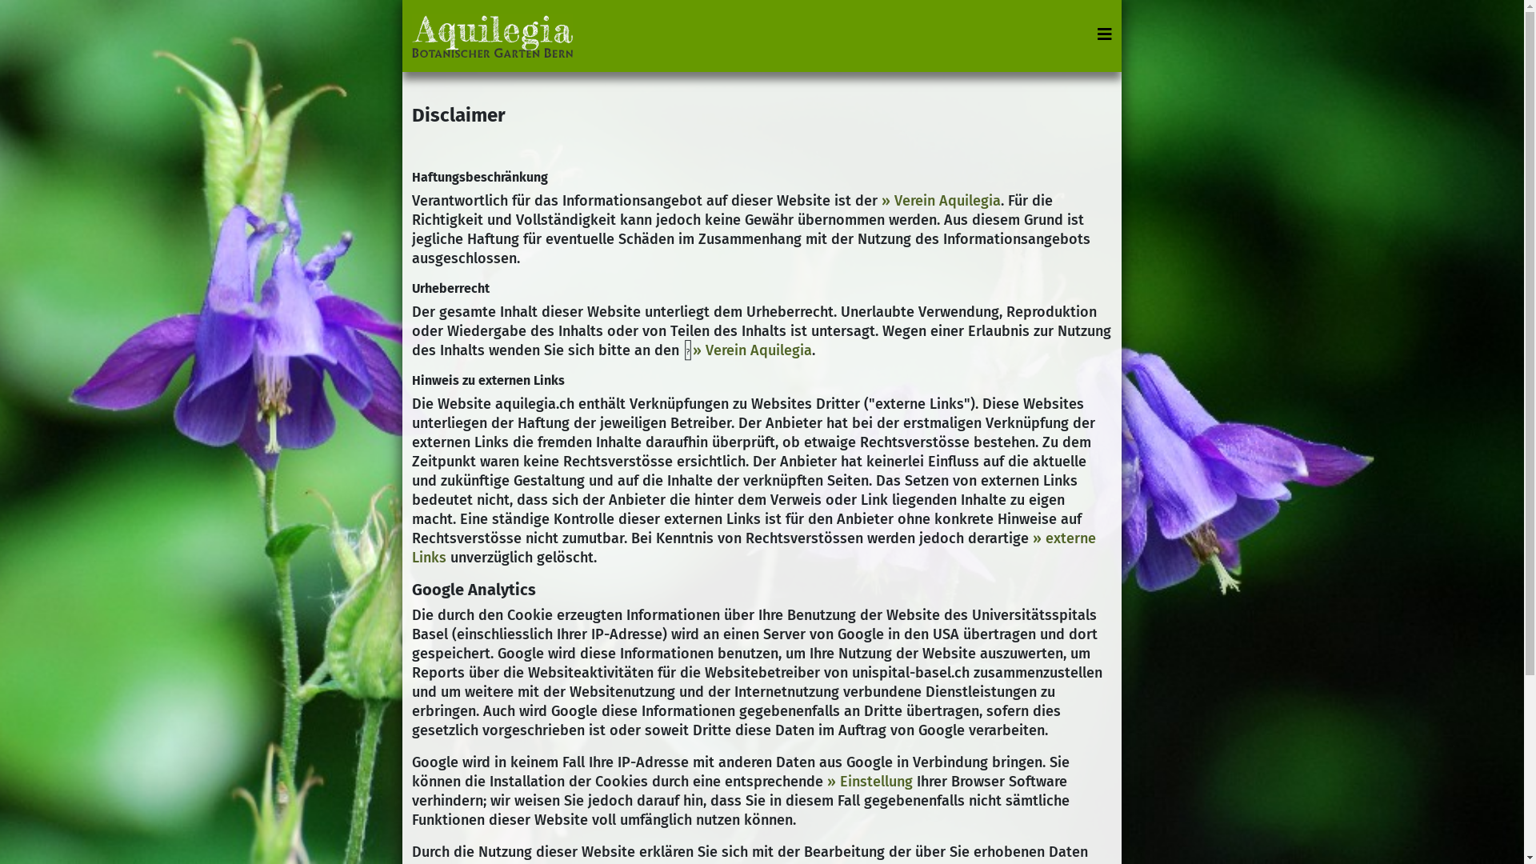 The height and width of the screenshot is (864, 1536). What do you see at coordinates (1104, 34) in the screenshot?
I see `'Helix3 Megamenu Options'` at bounding box center [1104, 34].